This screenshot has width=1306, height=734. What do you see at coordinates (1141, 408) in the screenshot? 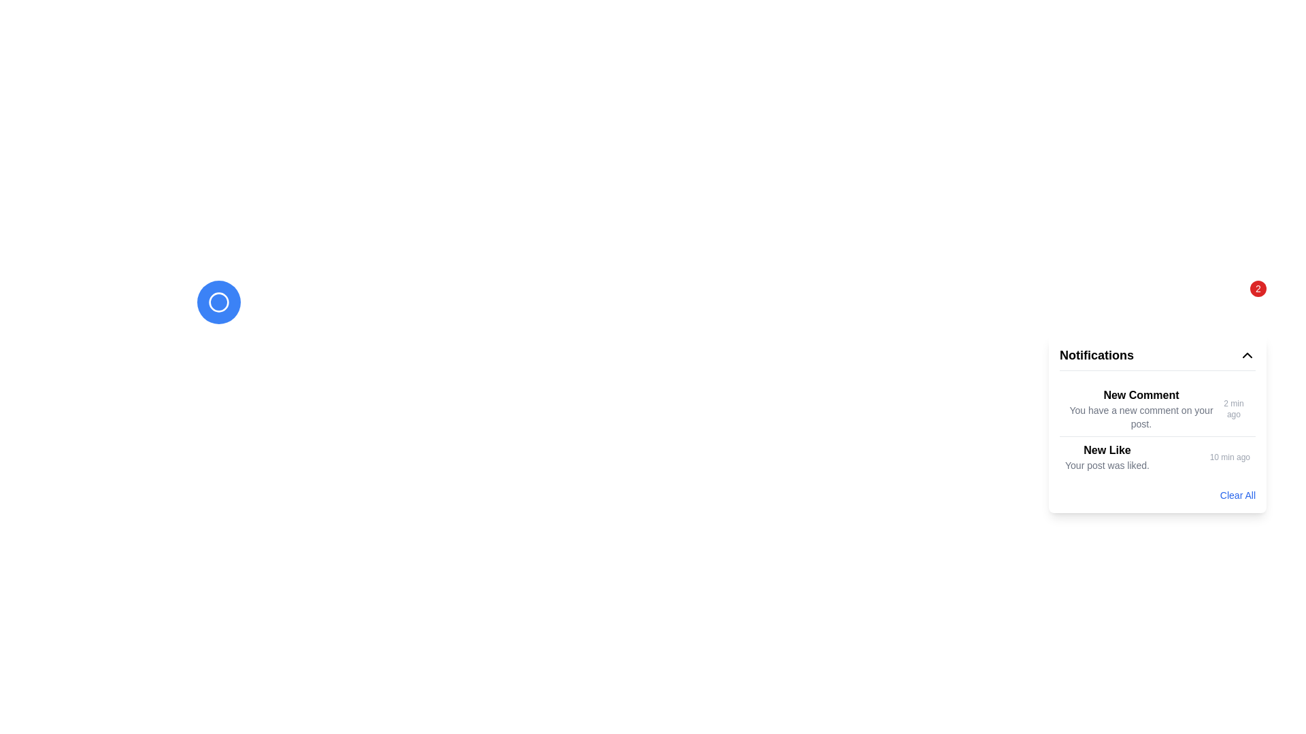
I see `notification from the Text Panel, which is the first item in the notification list indicating a new comment received by the user` at bounding box center [1141, 408].